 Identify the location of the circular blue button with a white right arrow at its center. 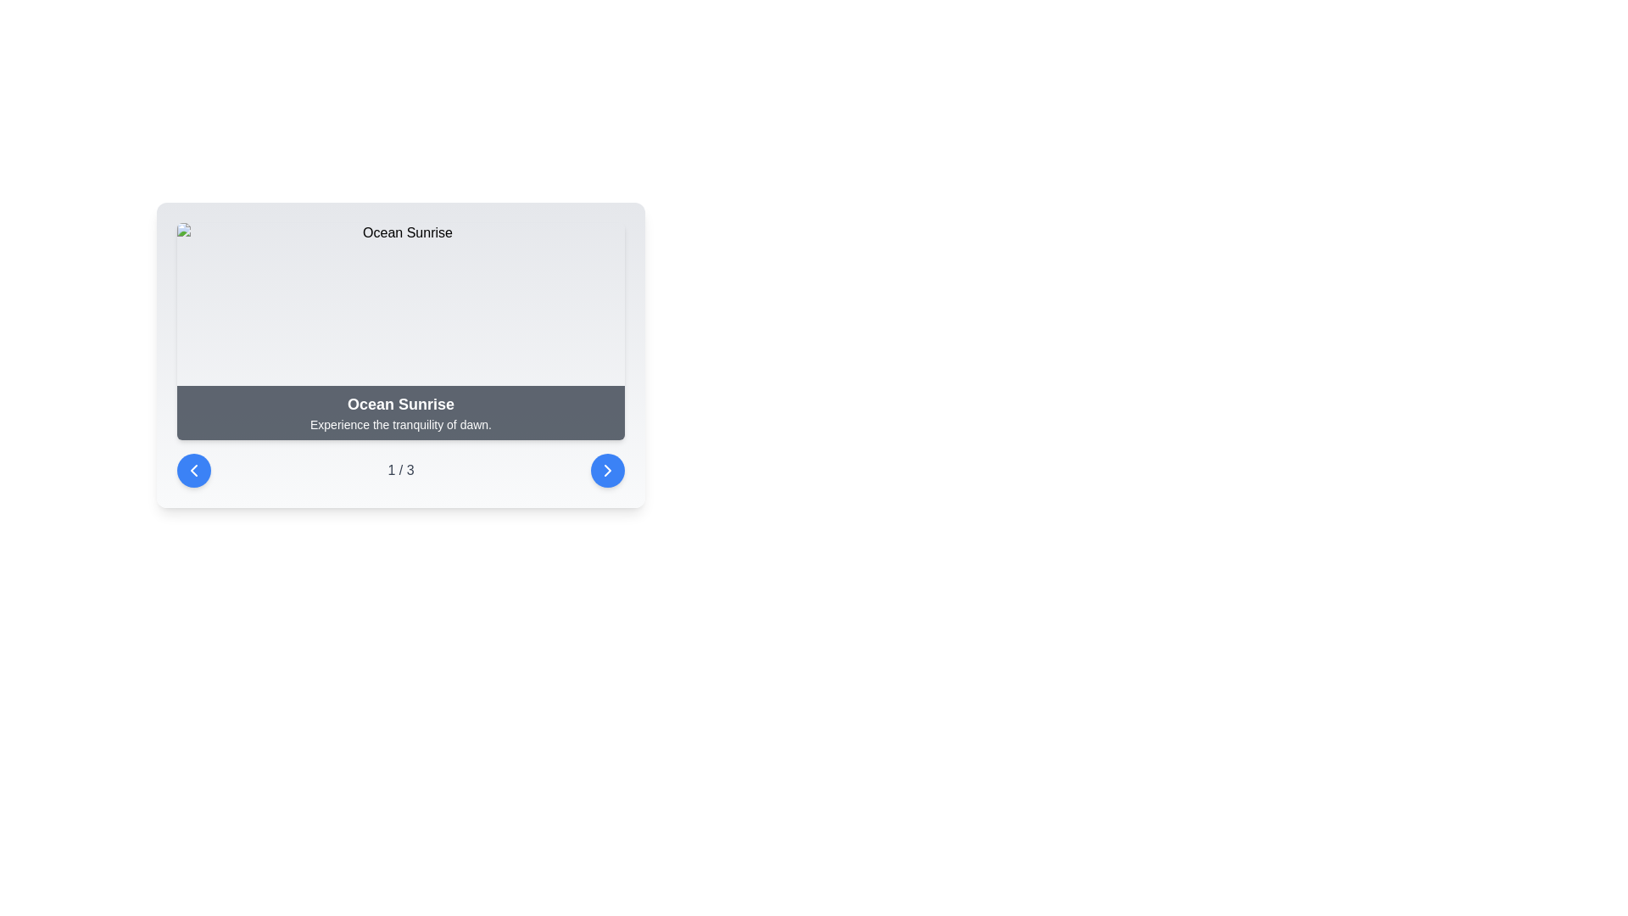
(607, 471).